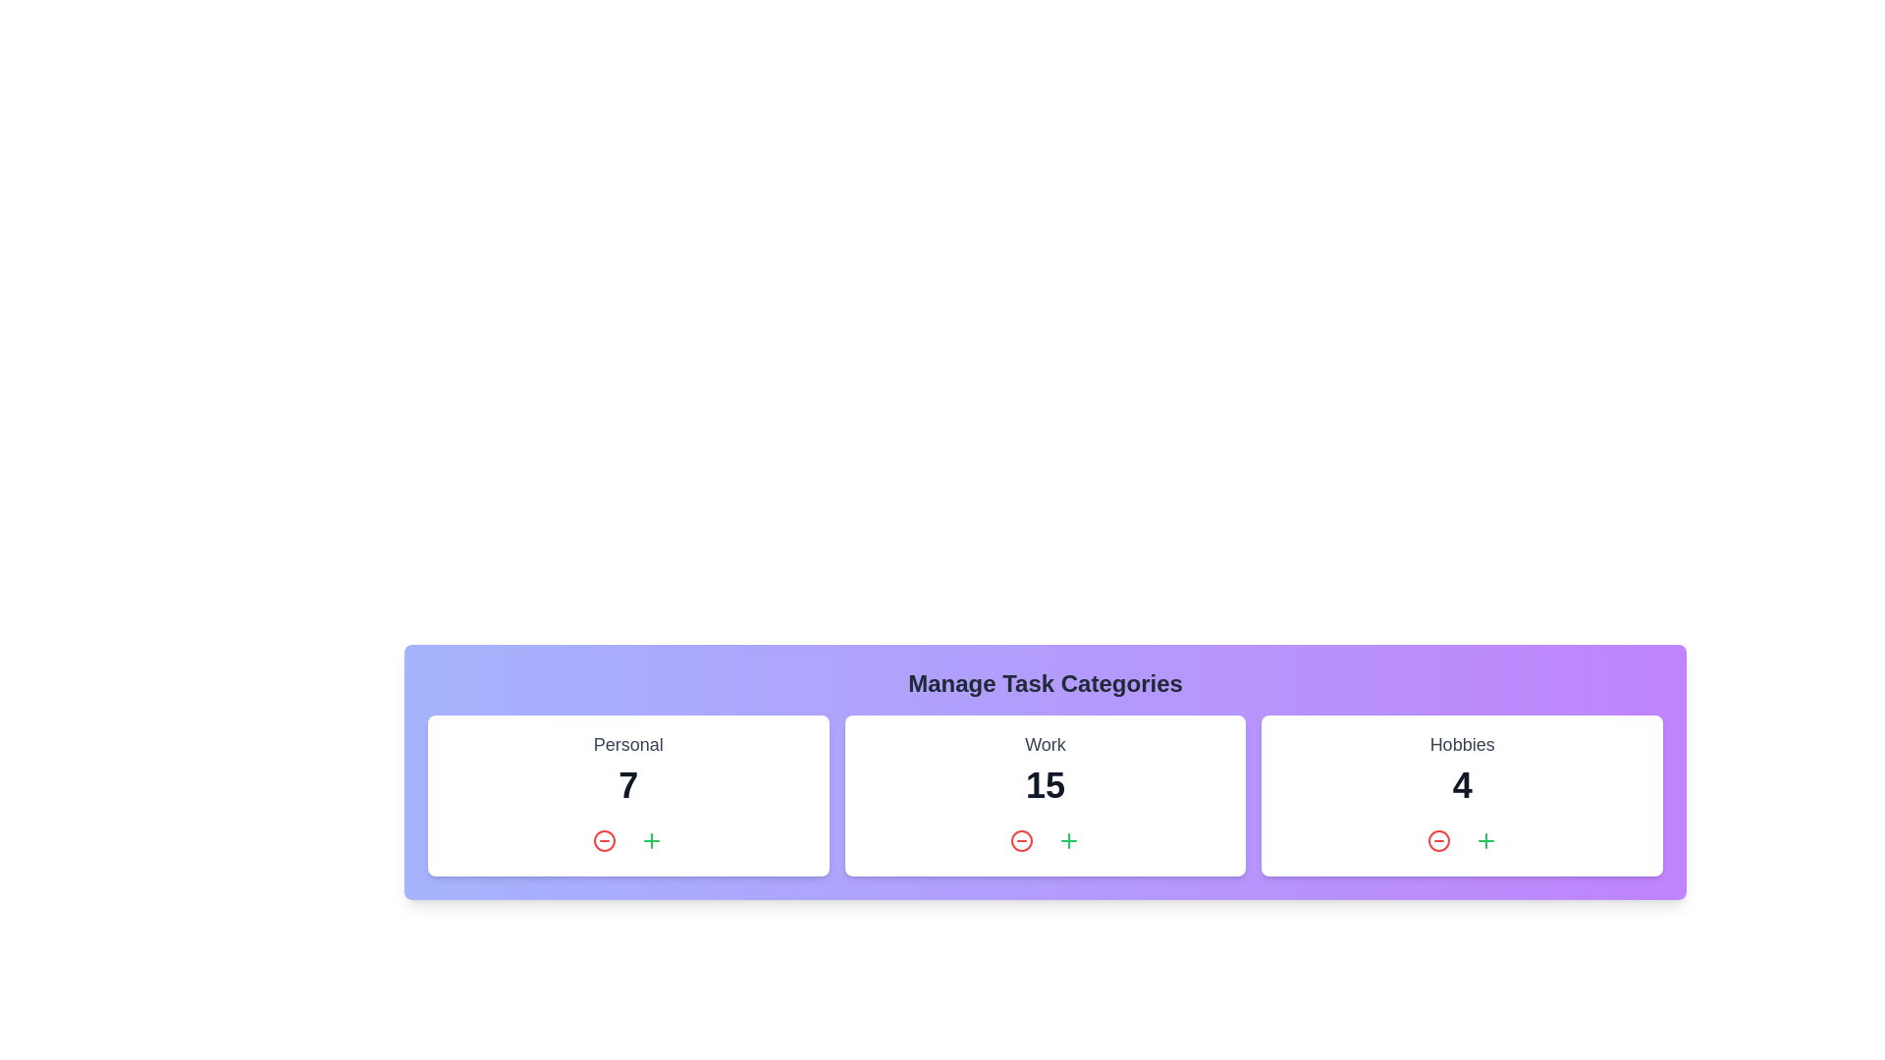  I want to click on 'Minus' button in the 'Hobbies' category, so click(1438, 839).